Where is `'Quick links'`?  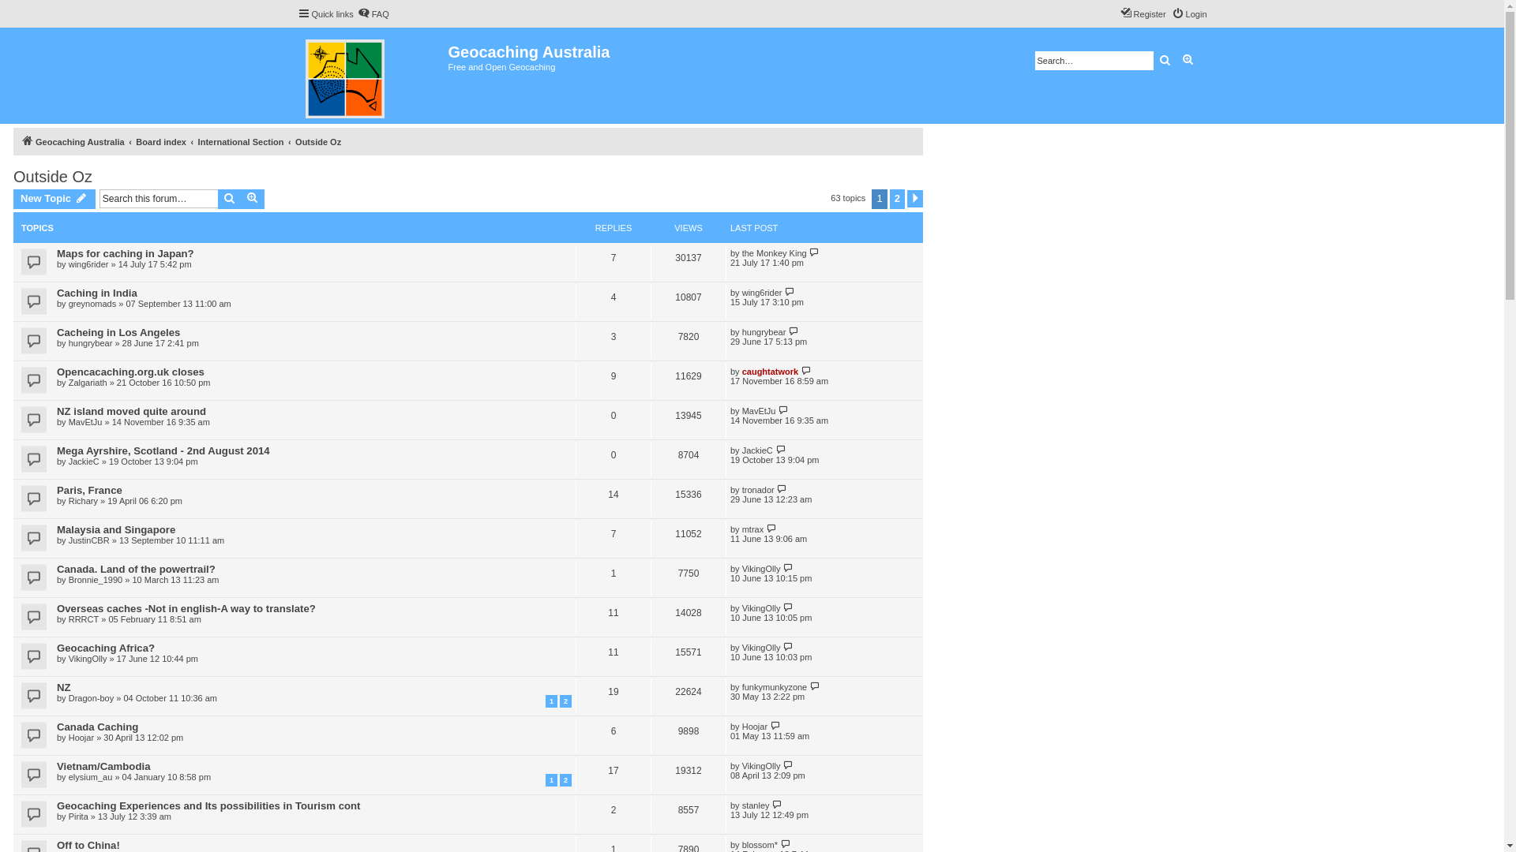
'Quick links' is located at coordinates (324, 14).